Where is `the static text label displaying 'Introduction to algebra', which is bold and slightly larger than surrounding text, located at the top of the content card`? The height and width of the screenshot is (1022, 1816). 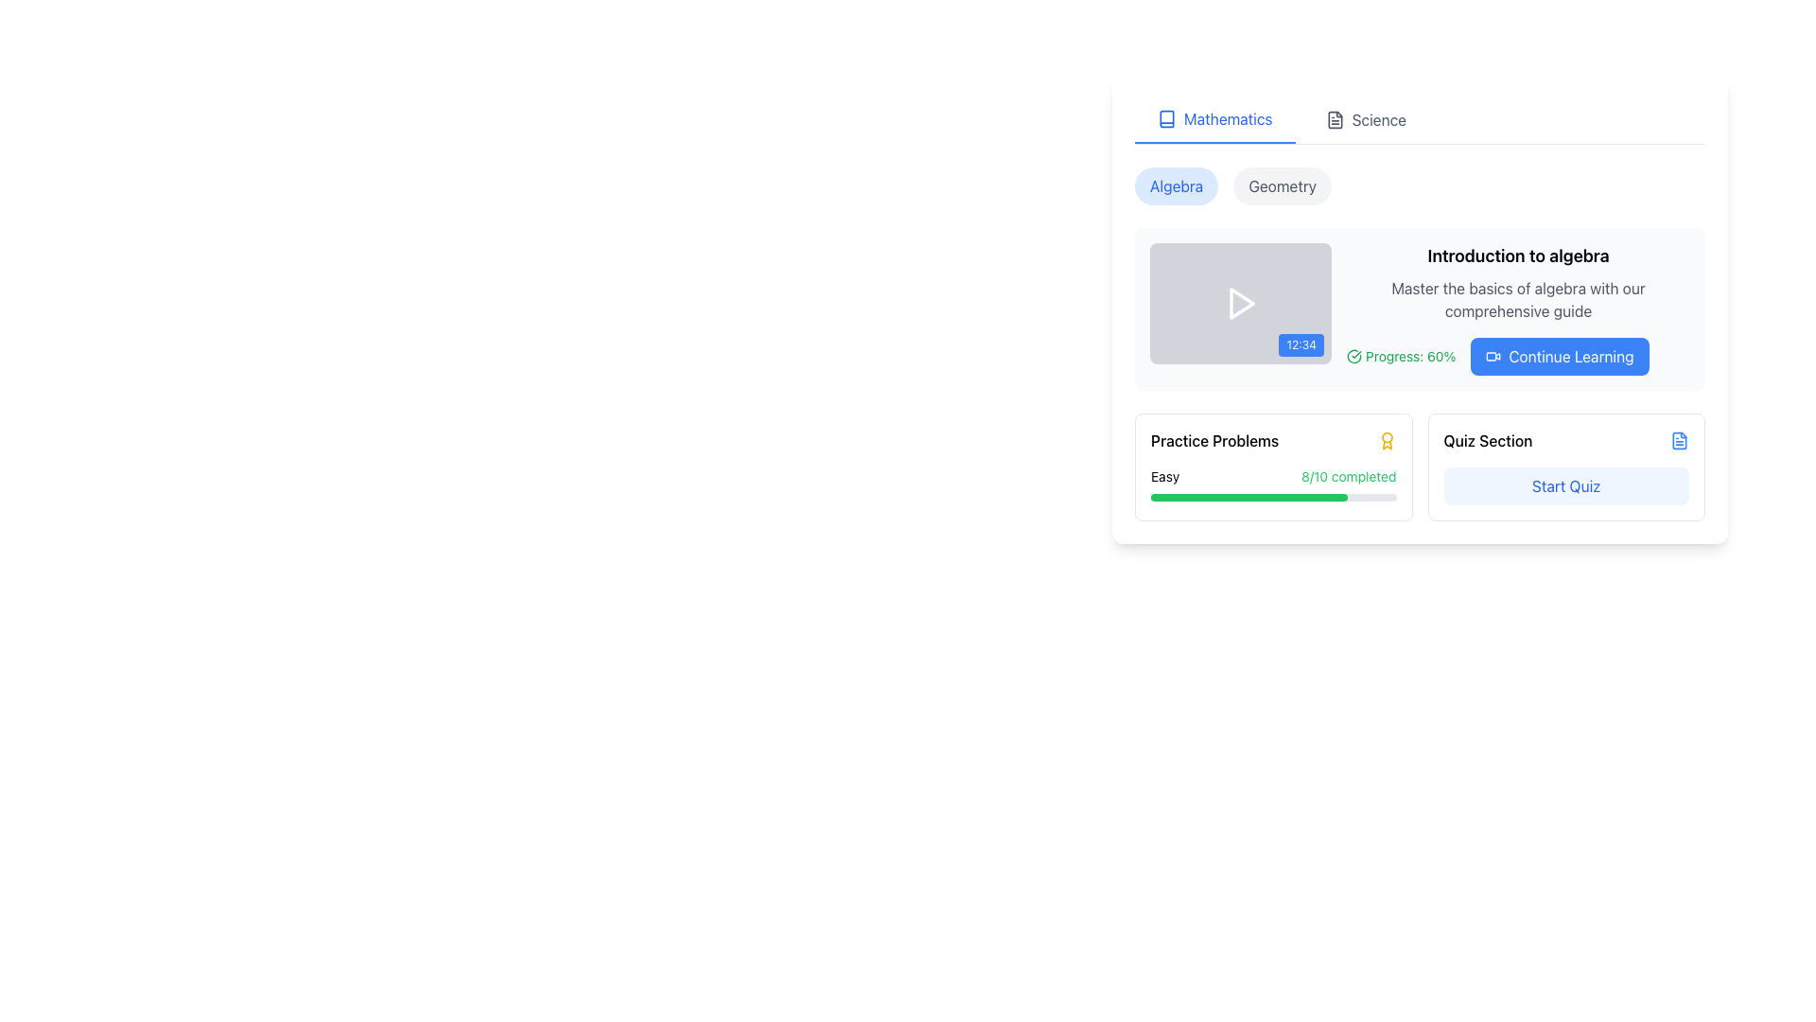
the static text label displaying 'Introduction to algebra', which is bold and slightly larger than surrounding text, located at the top of the content card is located at coordinates (1518, 255).